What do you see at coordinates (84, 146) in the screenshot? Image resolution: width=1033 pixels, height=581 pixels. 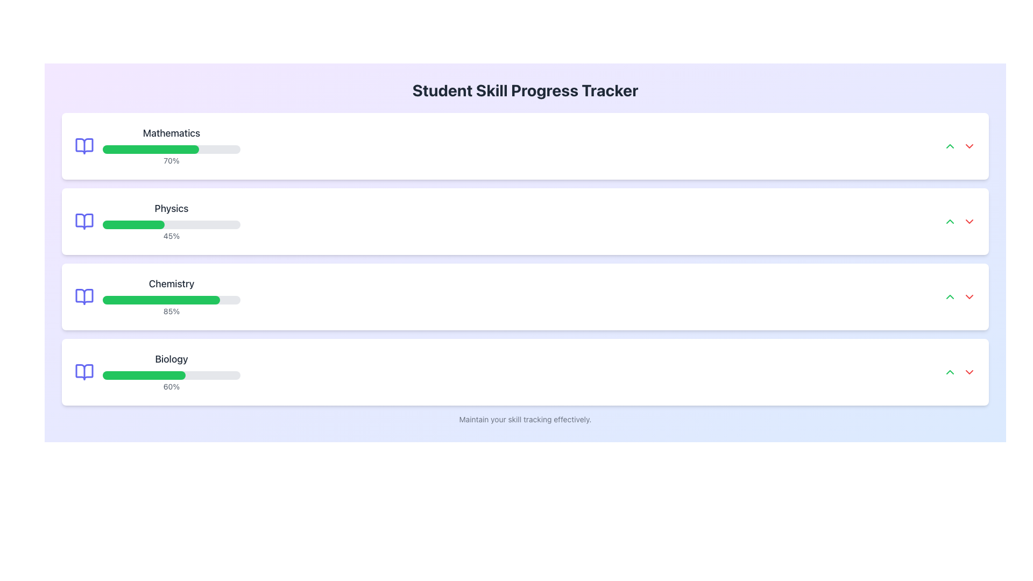 I see `the opened book icon, which is outlined in purple and located in the first row labeled 'Mathematics', positioned to the left of the progress bar` at bounding box center [84, 146].